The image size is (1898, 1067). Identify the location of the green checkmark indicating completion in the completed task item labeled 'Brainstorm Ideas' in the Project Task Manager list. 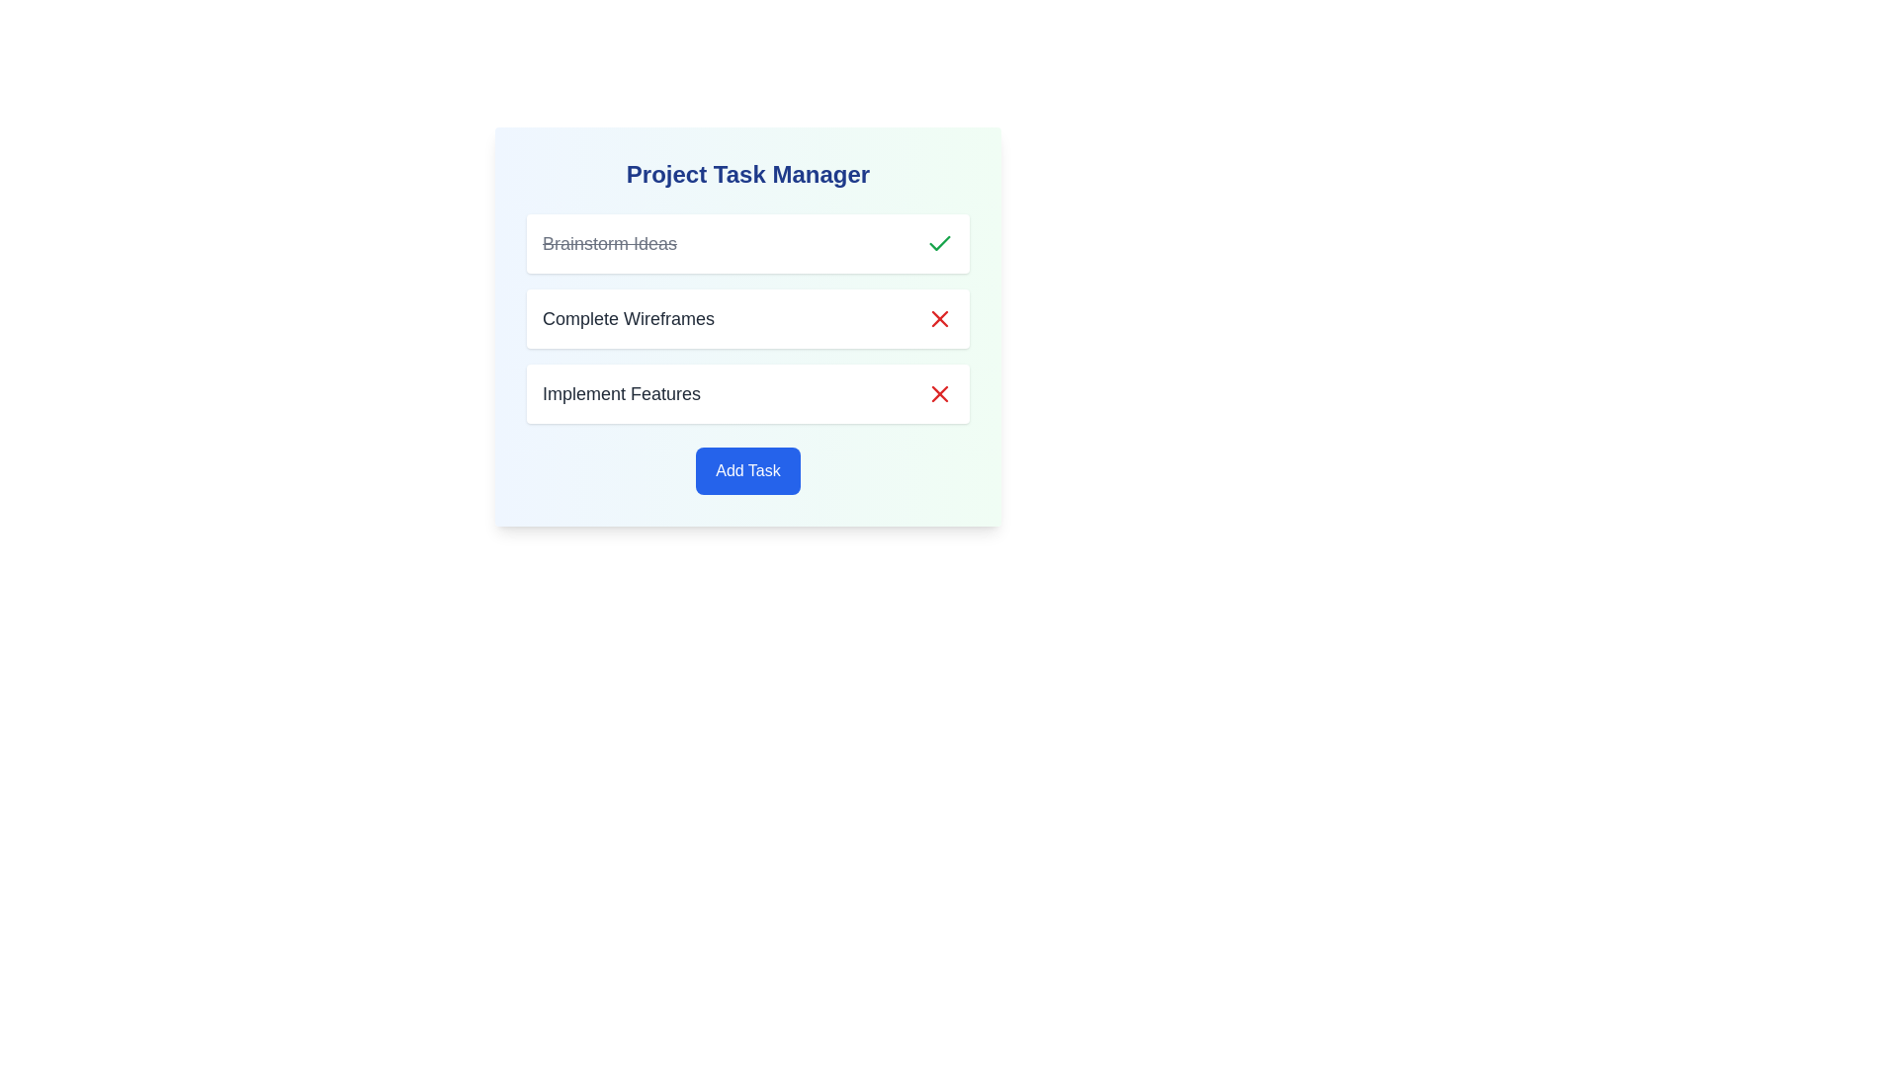
(747, 242).